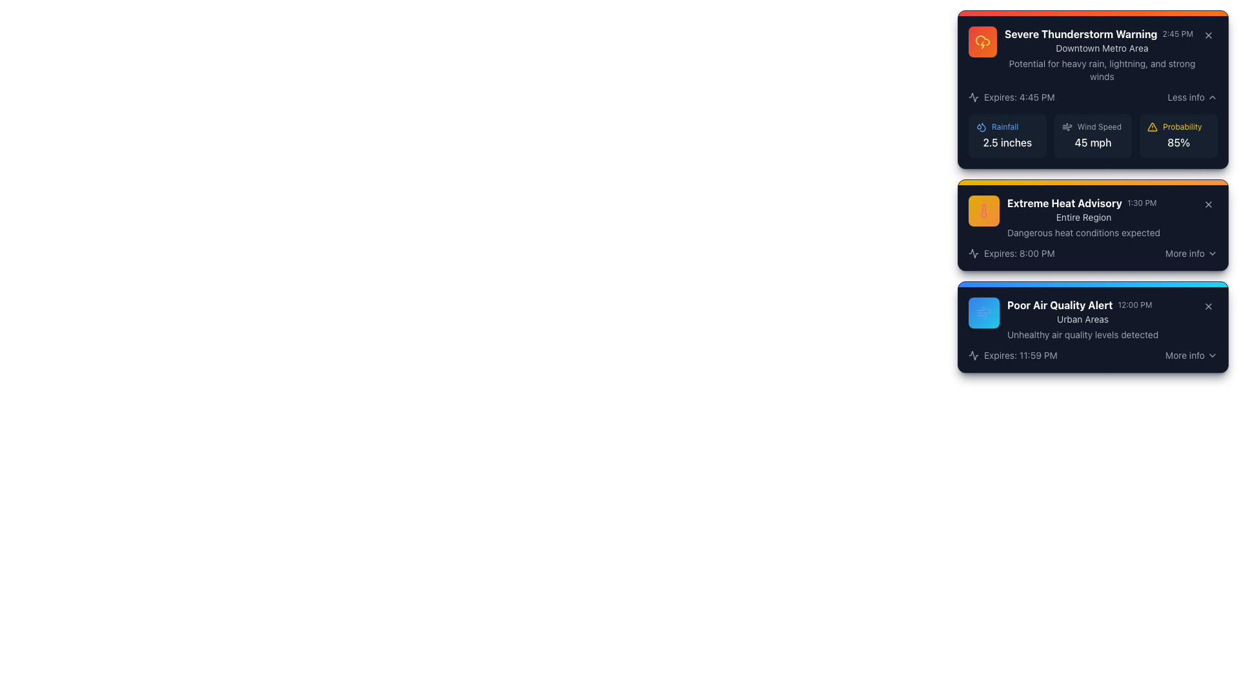 The image size is (1239, 697). I want to click on the icon adjacent to the 'More info' button in the 'Poor Air Quality Alert' card, so click(1211, 356).